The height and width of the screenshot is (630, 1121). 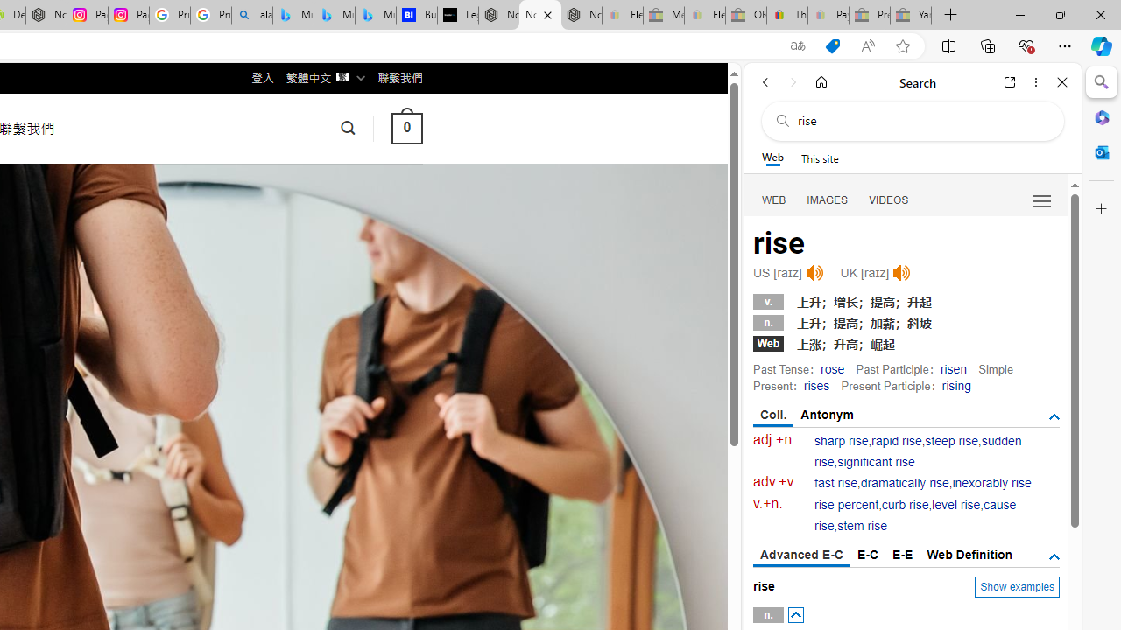 I want to click on 'Antonym', so click(x=827, y=415).